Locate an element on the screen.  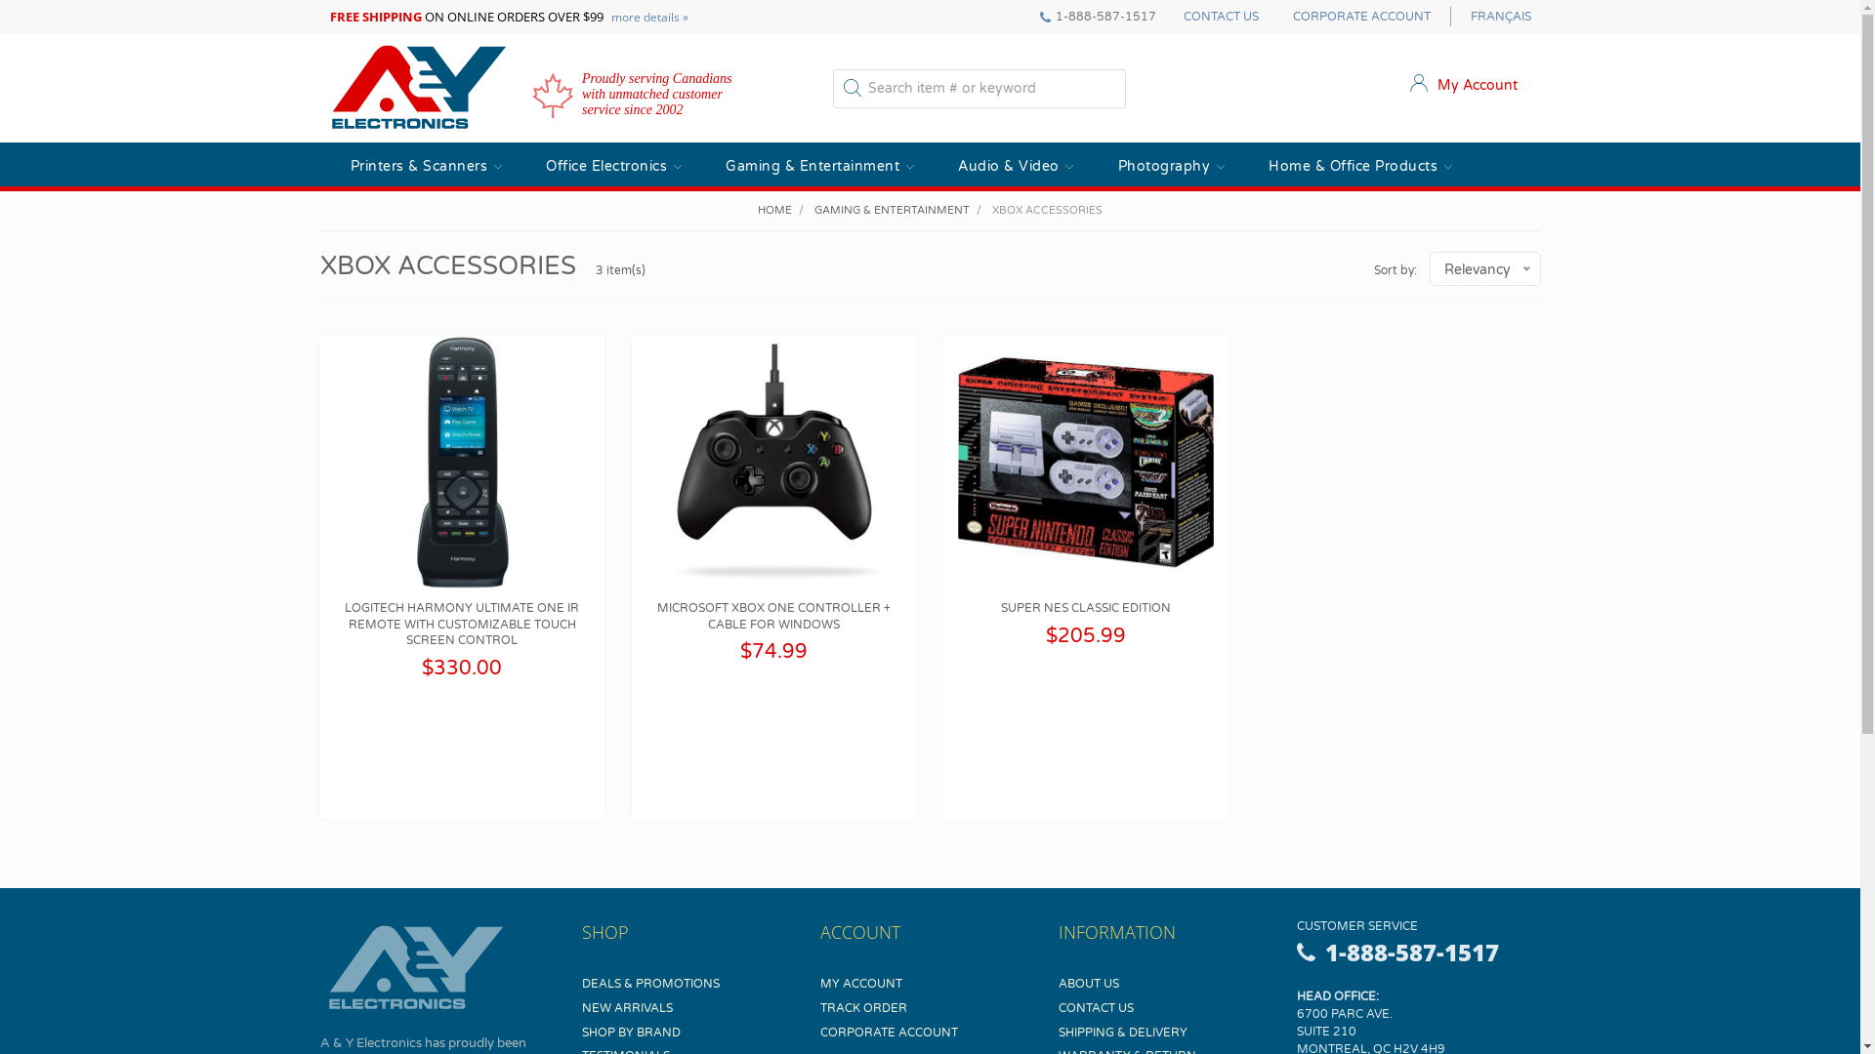
'Home & Office Products' is located at coordinates (1352, 165).